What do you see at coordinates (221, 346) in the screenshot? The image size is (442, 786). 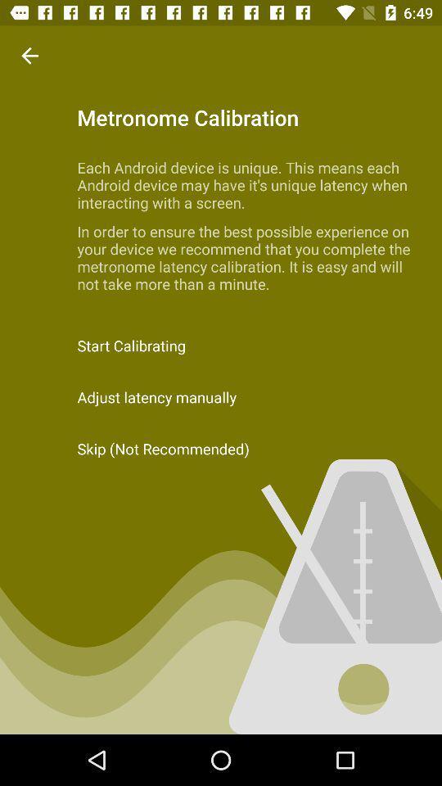 I see `start calibrating` at bounding box center [221, 346].